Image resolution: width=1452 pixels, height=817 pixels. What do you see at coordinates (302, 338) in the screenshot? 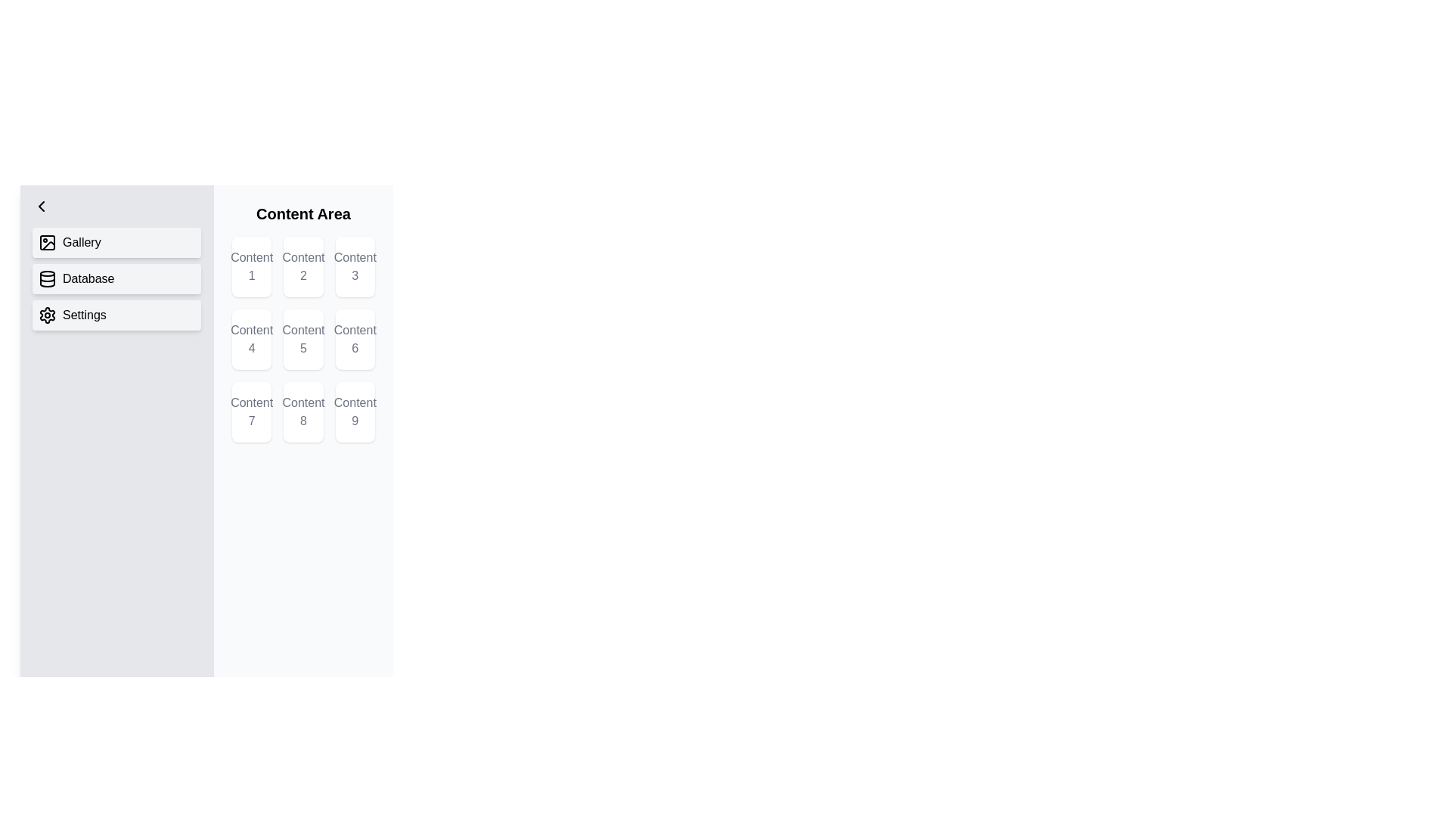
I see `an individual content block within the grid containing nine blocks, each displaying text such as 'Content 1', 'Content 2', etc` at bounding box center [302, 338].